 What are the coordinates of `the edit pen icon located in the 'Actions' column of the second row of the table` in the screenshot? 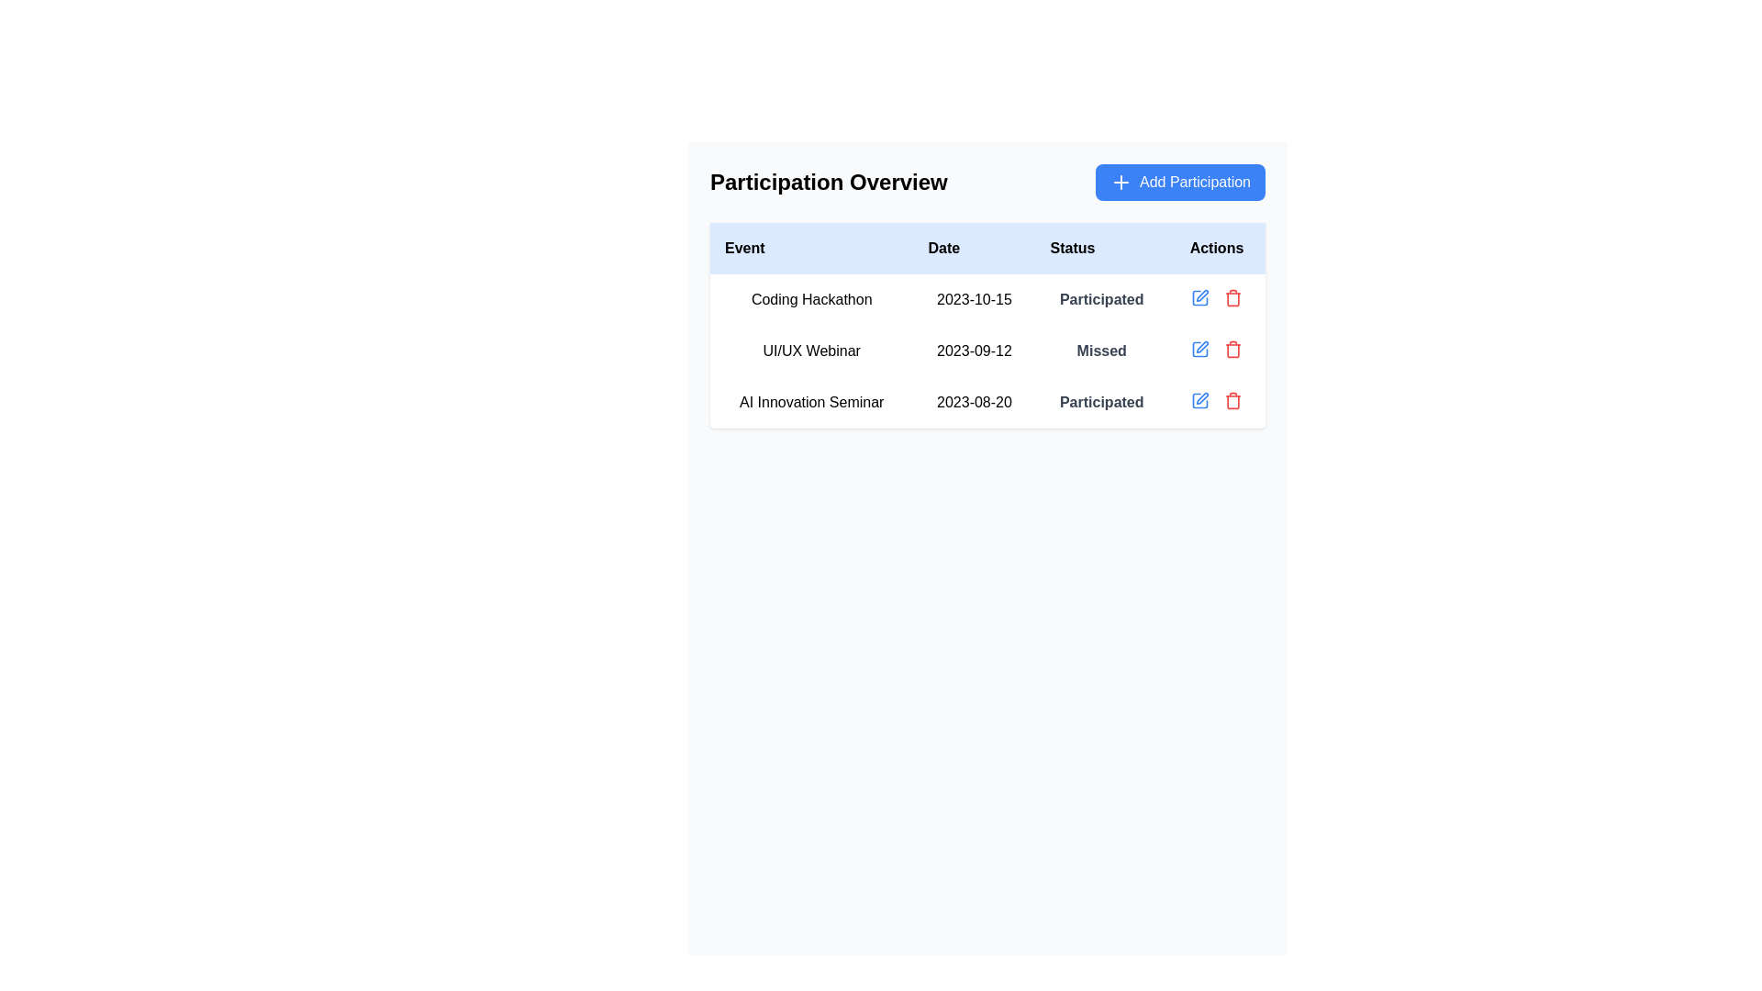 It's located at (1202, 347).